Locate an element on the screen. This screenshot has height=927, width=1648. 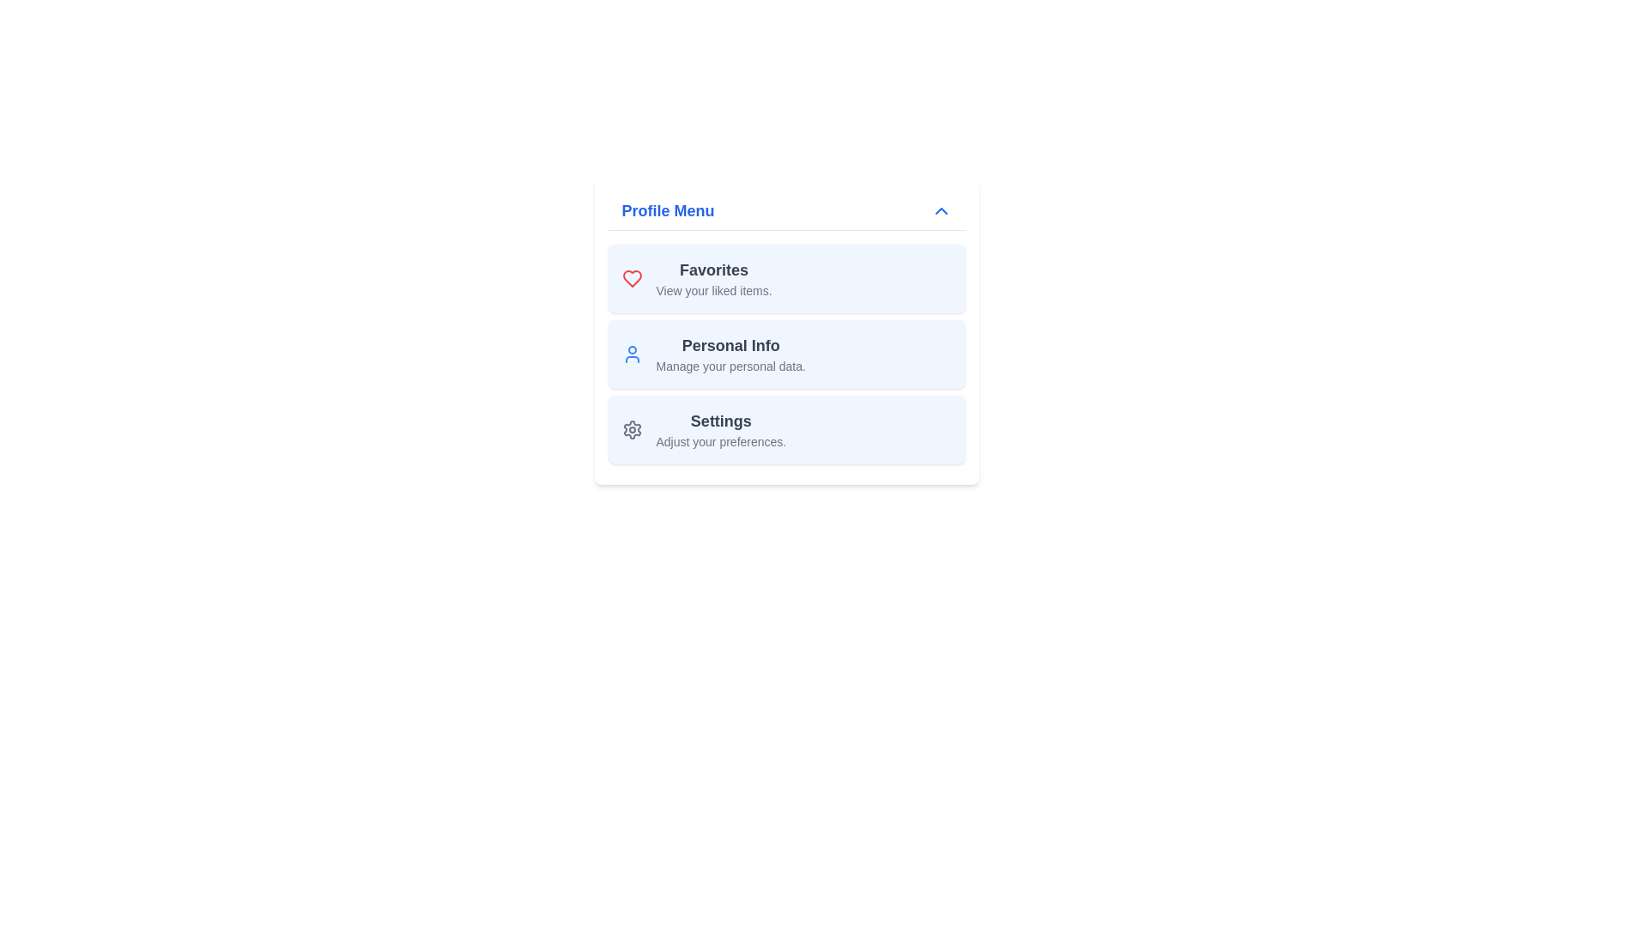
the red heart icon located in the top-left corner of the 'Favorites' section within the 'Profile Menu' card is located at coordinates (631, 277).